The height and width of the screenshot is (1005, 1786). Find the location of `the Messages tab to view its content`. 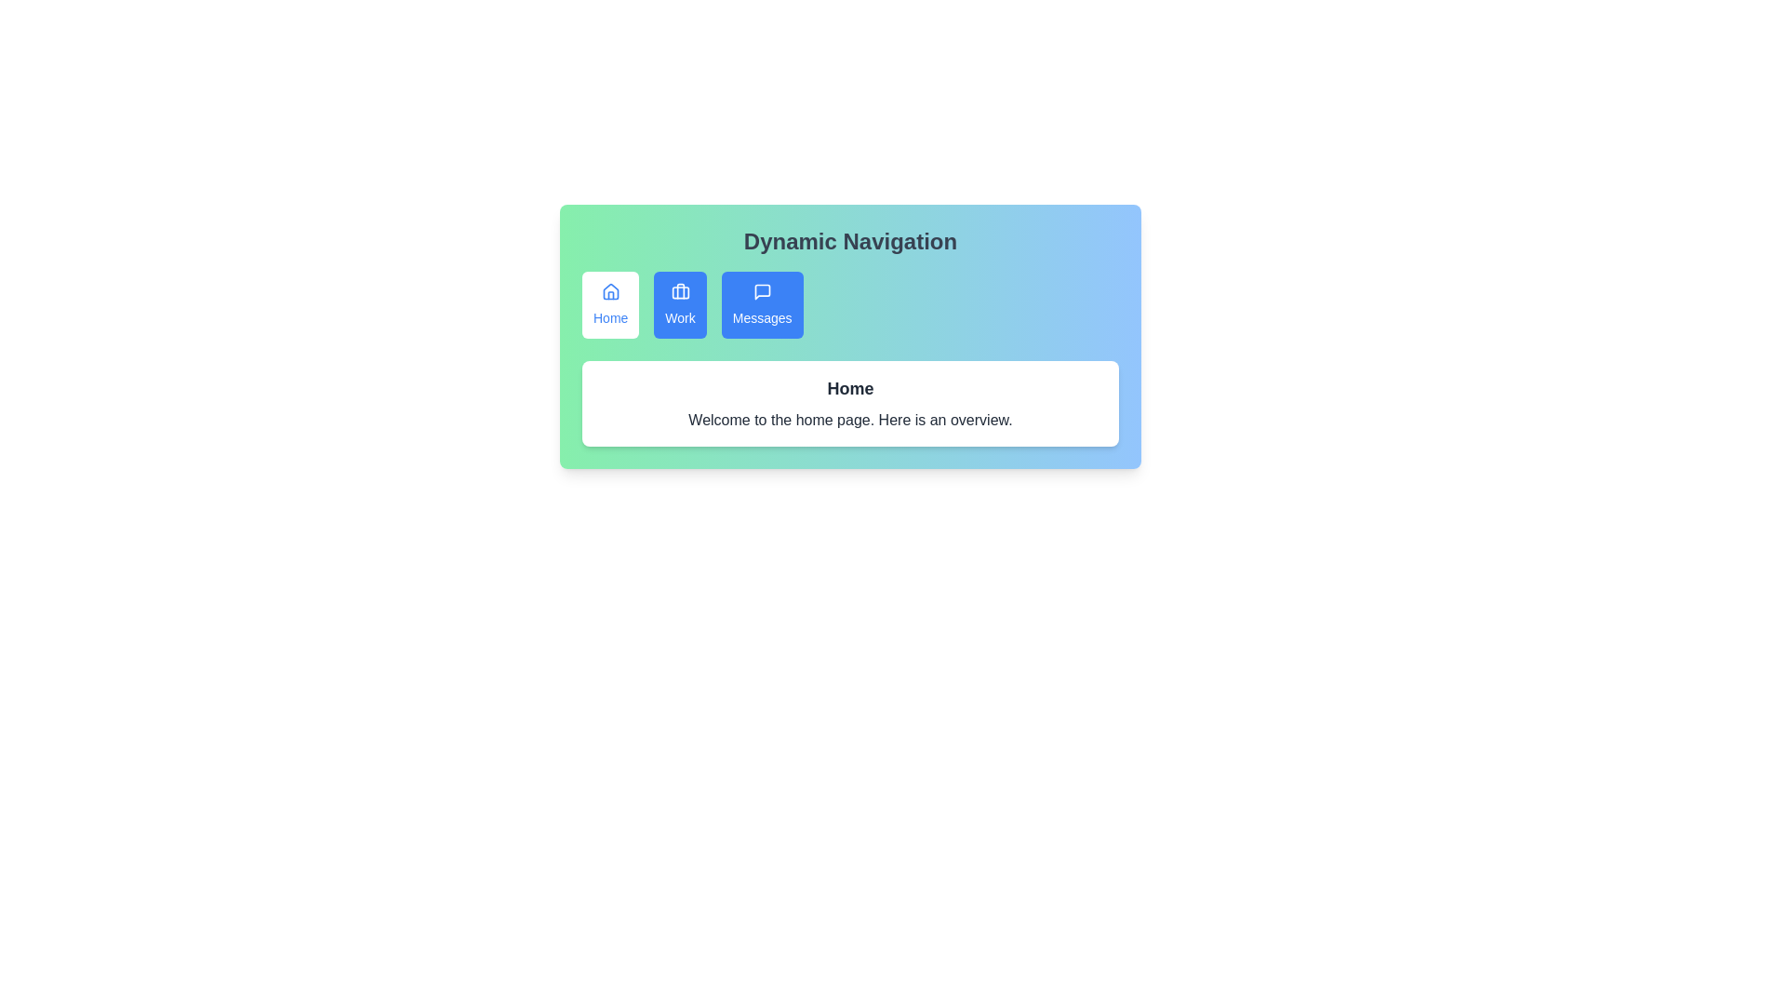

the Messages tab to view its content is located at coordinates (762, 303).